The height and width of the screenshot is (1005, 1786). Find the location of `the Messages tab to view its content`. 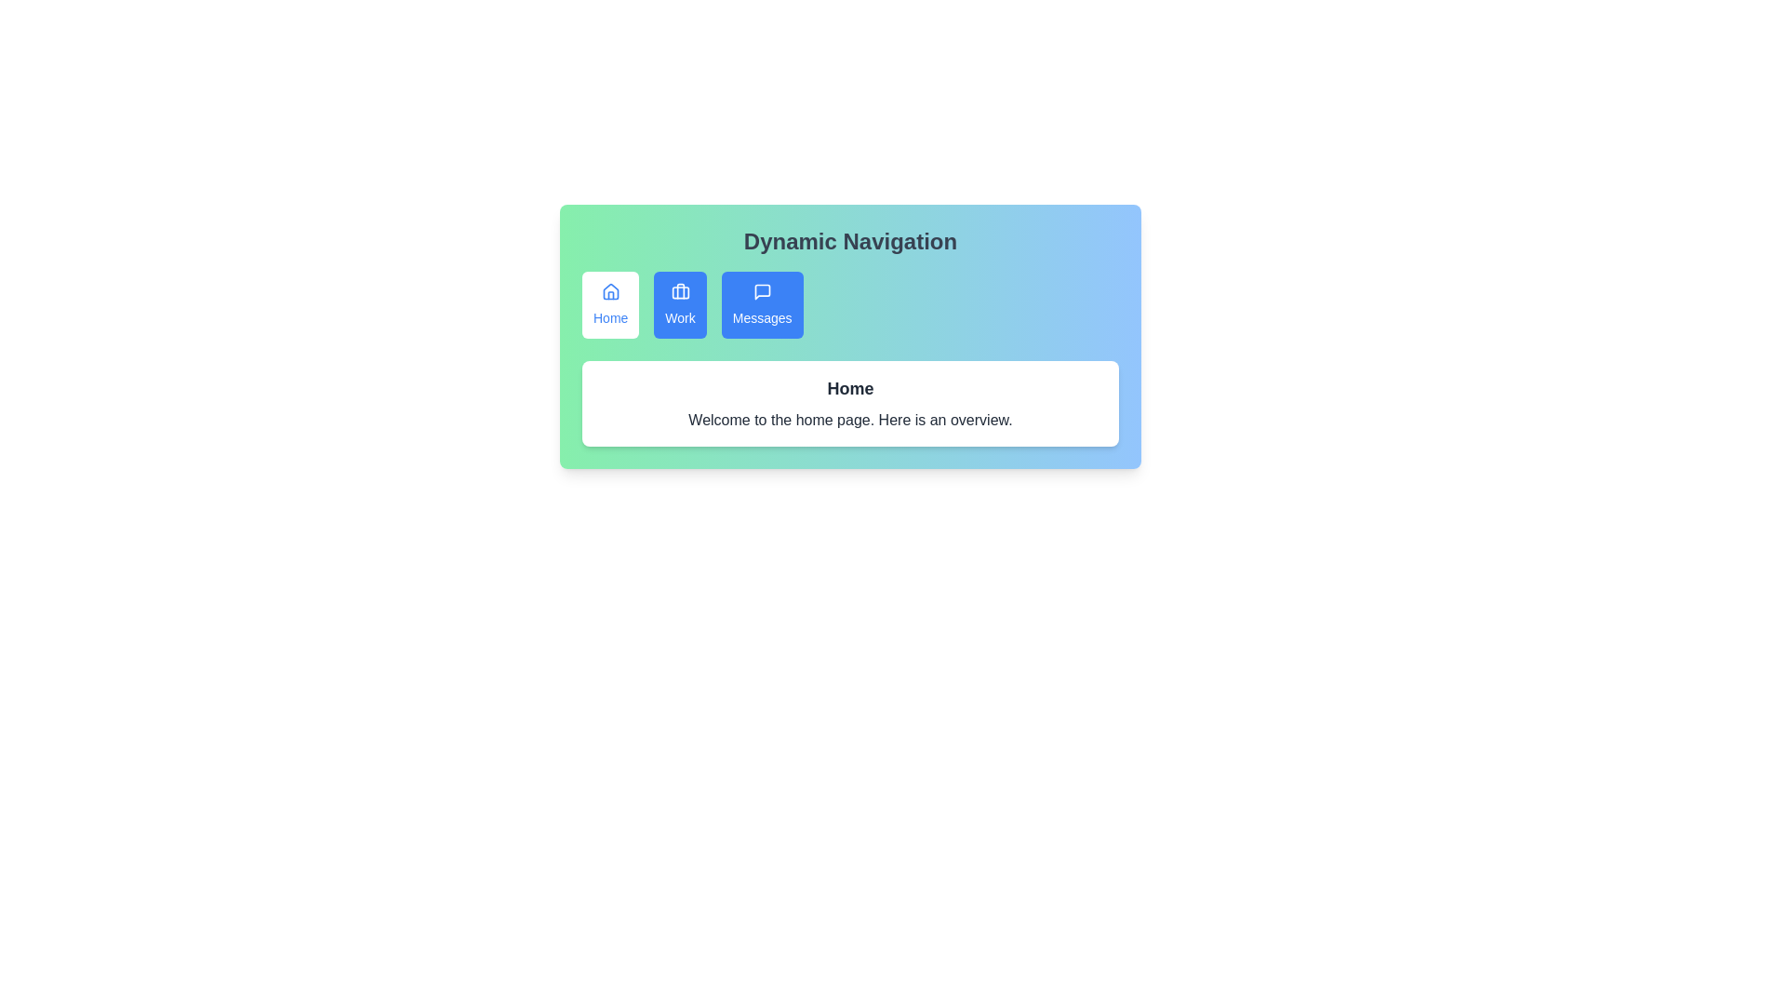

the Messages tab to view its content is located at coordinates (762, 303).